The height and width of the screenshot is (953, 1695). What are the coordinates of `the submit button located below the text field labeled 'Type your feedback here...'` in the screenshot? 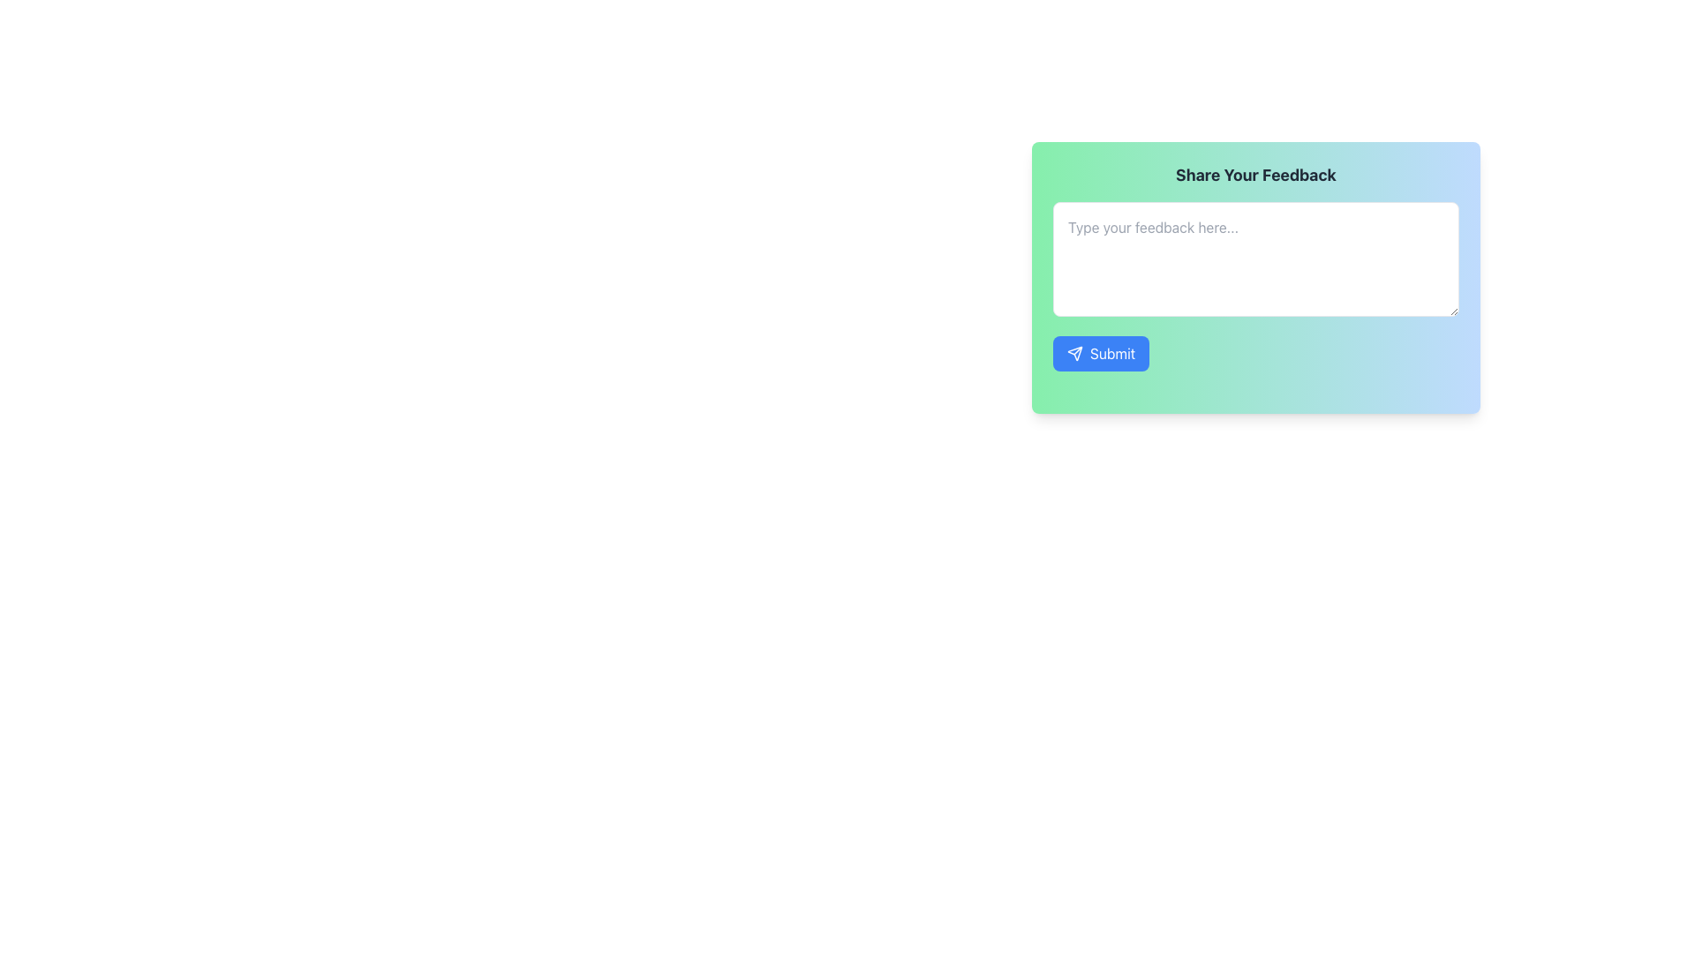 It's located at (1100, 354).